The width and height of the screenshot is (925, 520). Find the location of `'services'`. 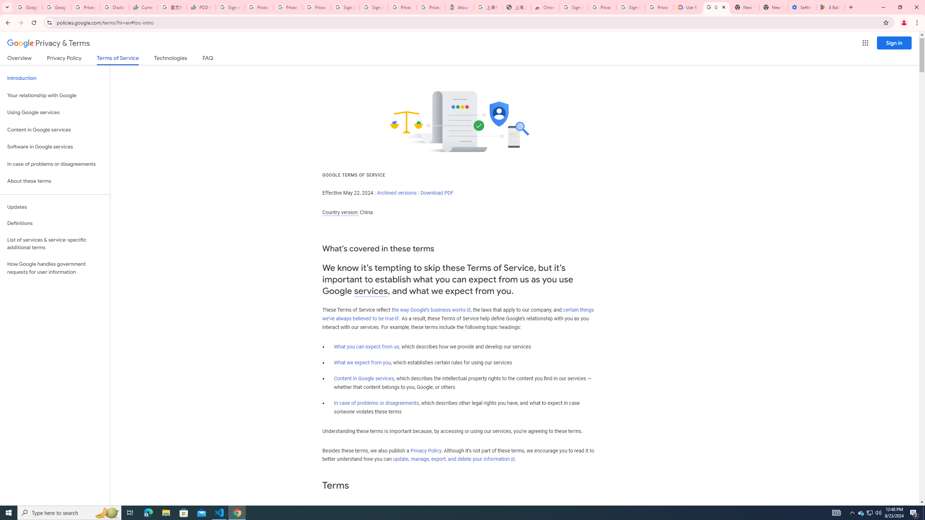

'services' is located at coordinates (371, 291).